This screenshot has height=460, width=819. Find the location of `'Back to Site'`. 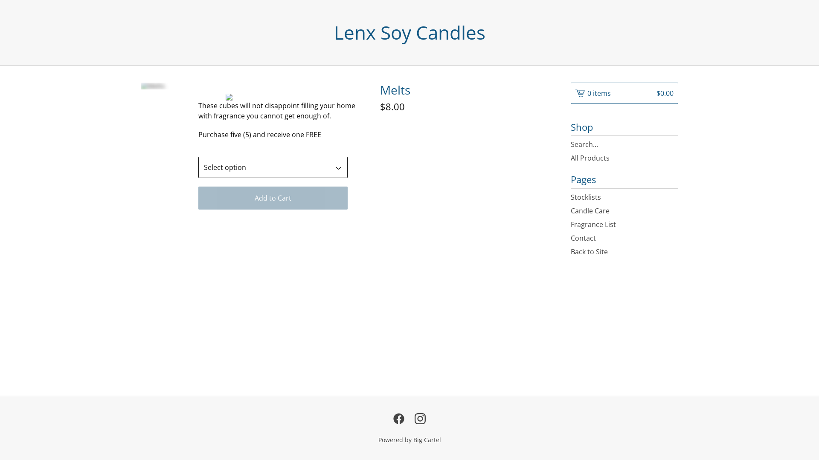

'Back to Site' is located at coordinates (624, 251).